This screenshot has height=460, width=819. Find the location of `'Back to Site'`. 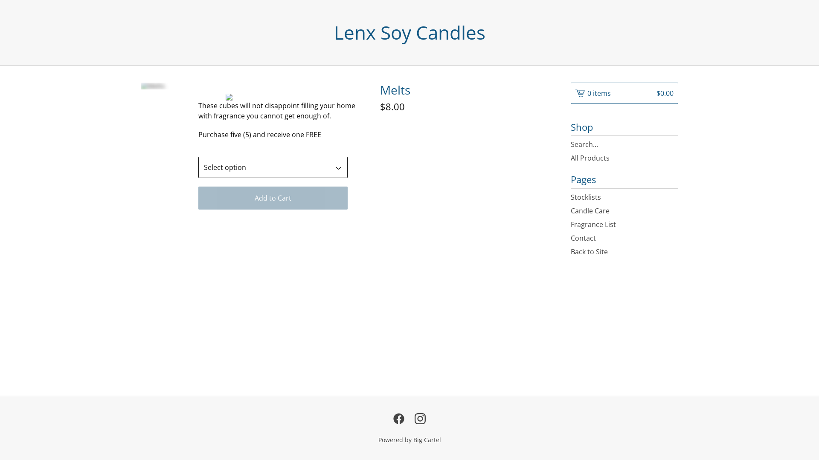

'Back to Site' is located at coordinates (624, 251).